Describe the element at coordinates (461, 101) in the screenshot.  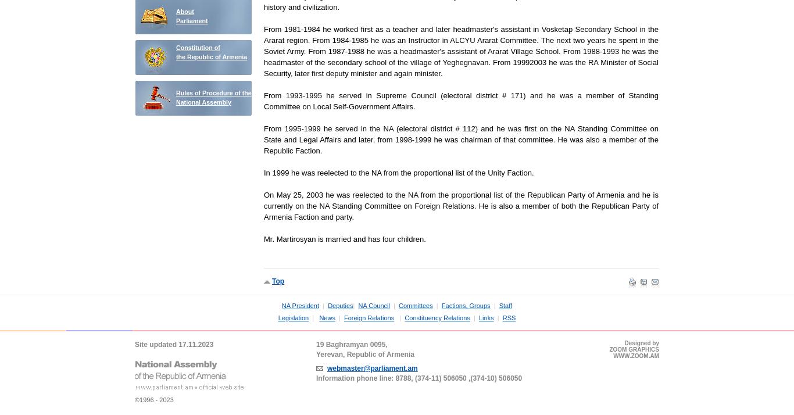
I see `'From 1993-1995 he served in Supreme Council (electoral district # 171) and he was a member of Standing Committee on Local Self-Government Affairs.'` at that location.